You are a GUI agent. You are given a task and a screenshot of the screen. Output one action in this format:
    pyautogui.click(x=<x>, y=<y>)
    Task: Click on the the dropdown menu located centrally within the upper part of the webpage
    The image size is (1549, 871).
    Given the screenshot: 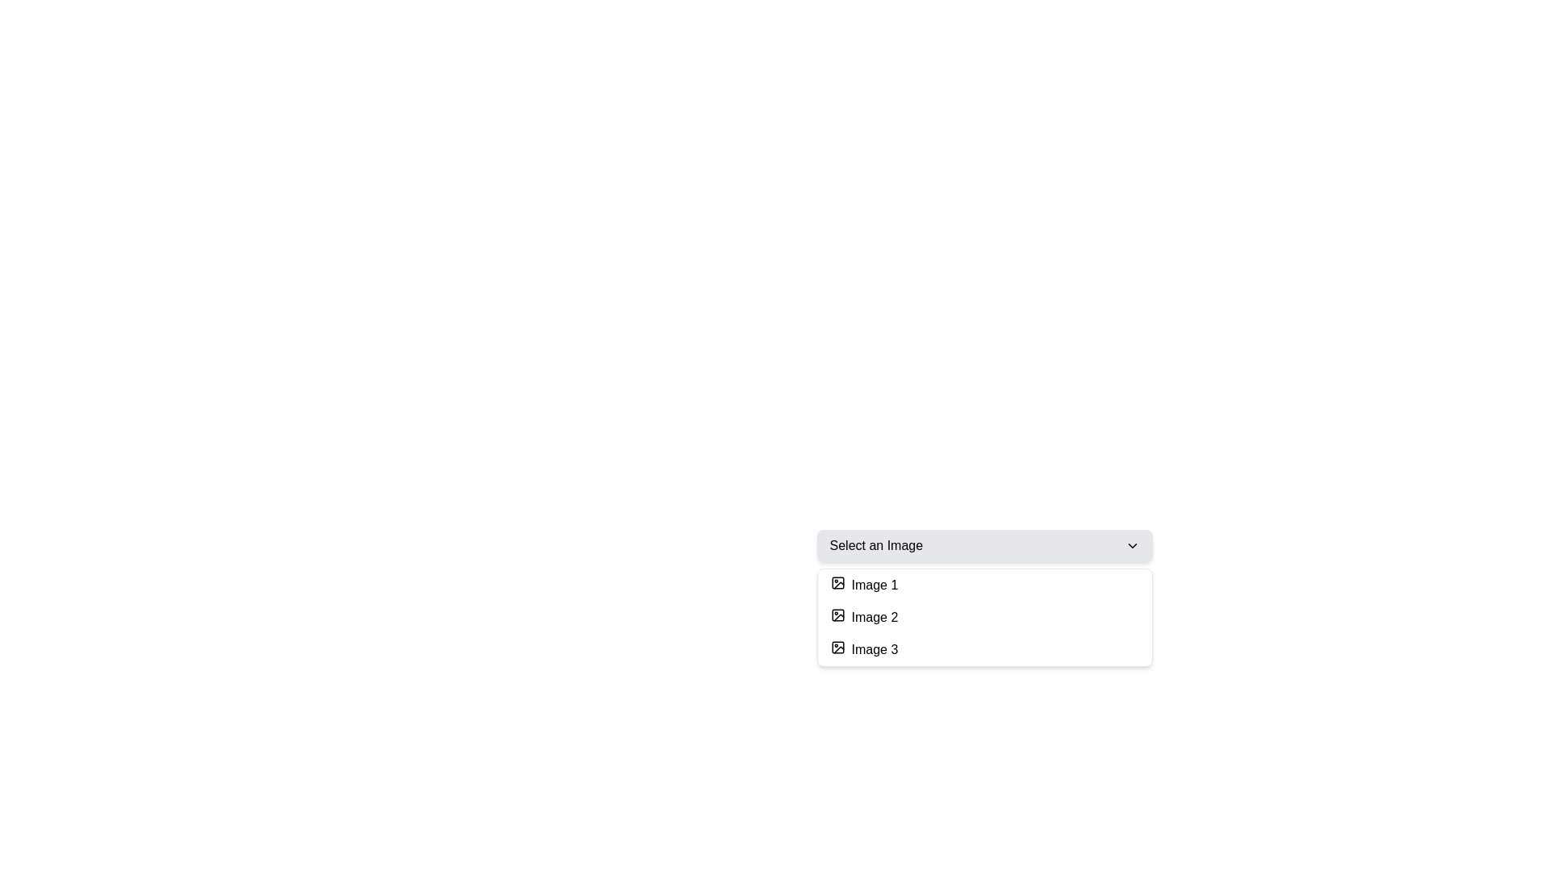 What is the action you would take?
    pyautogui.click(x=983, y=631)
    